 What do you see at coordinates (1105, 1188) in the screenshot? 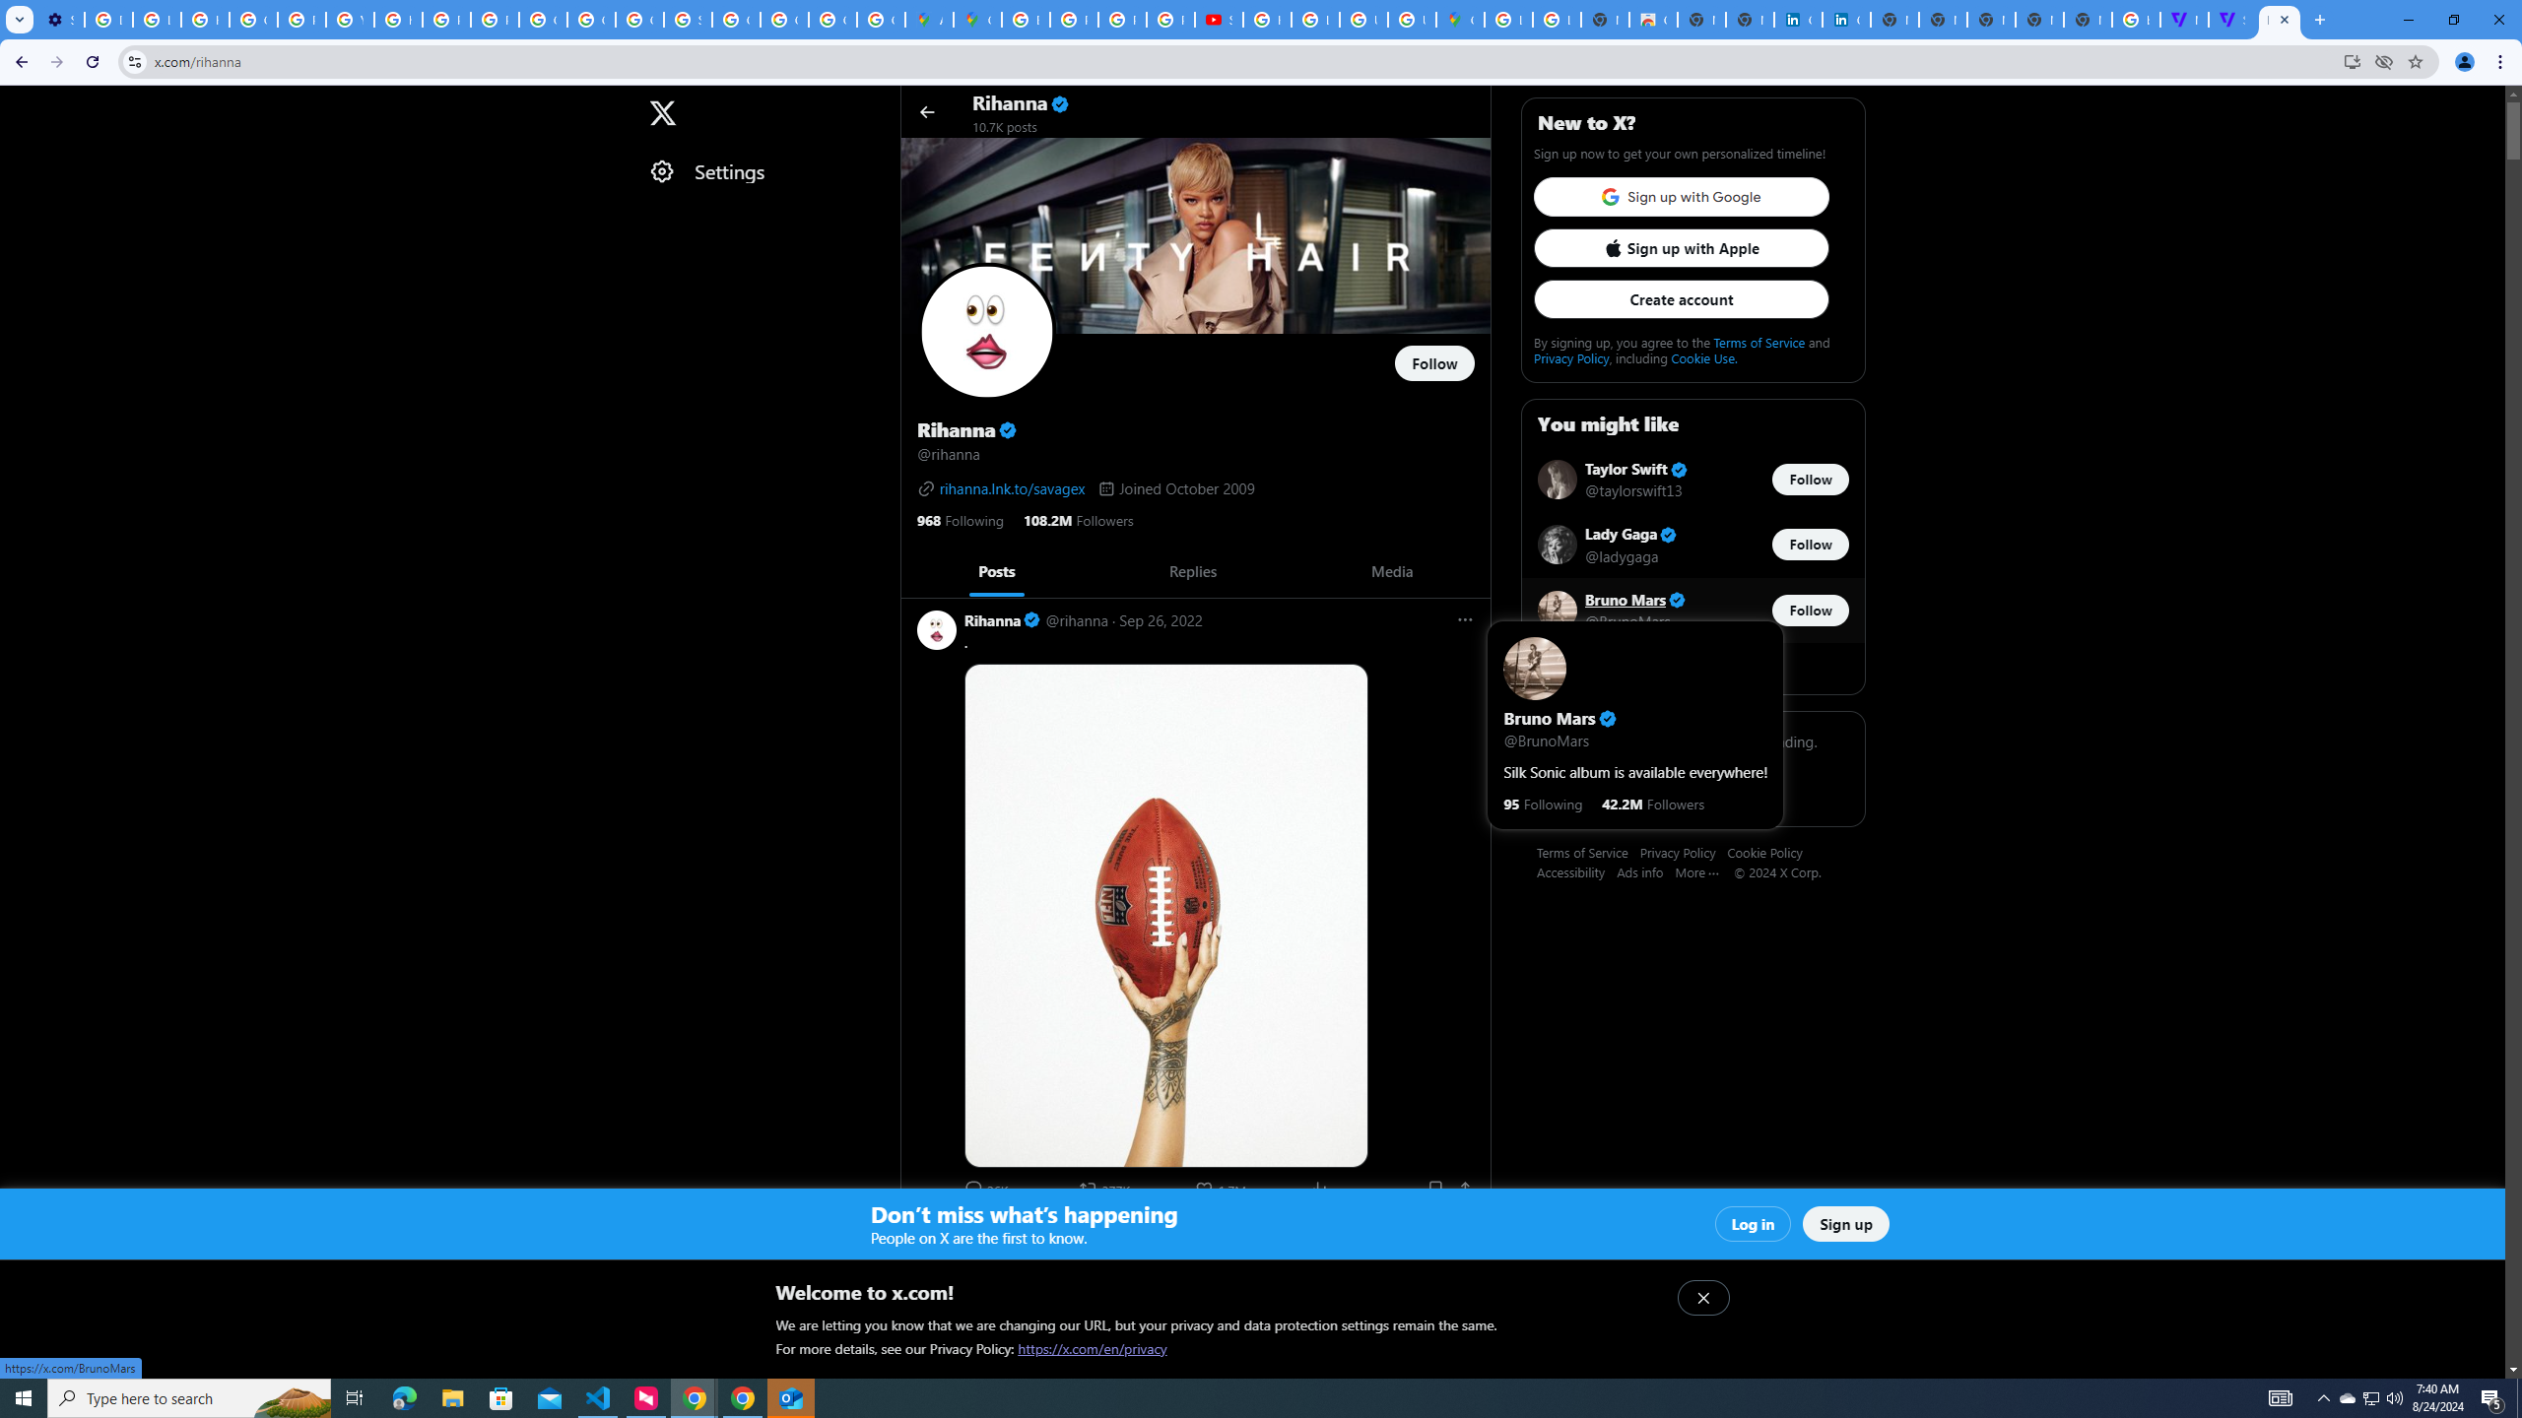
I see `'377632 reposts. Repost'` at bounding box center [1105, 1188].